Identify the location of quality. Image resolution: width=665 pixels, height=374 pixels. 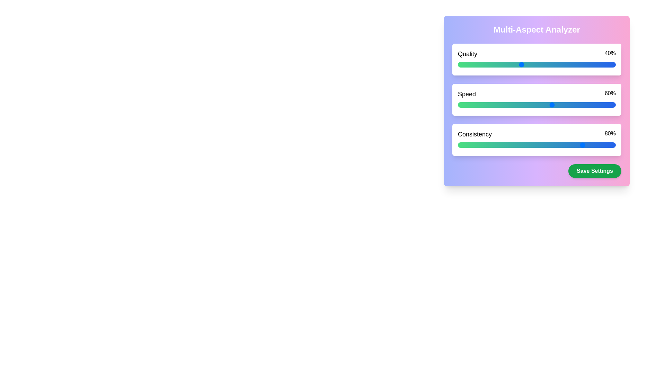
(590, 64).